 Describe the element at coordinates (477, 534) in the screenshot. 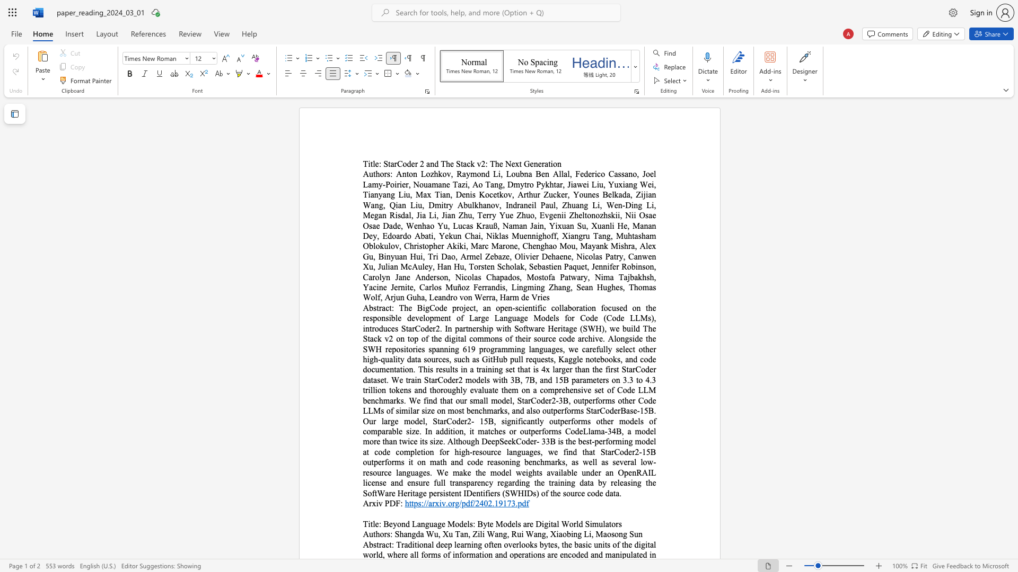

I see `the subset text "il" within the text "Zili Wang,"` at that location.